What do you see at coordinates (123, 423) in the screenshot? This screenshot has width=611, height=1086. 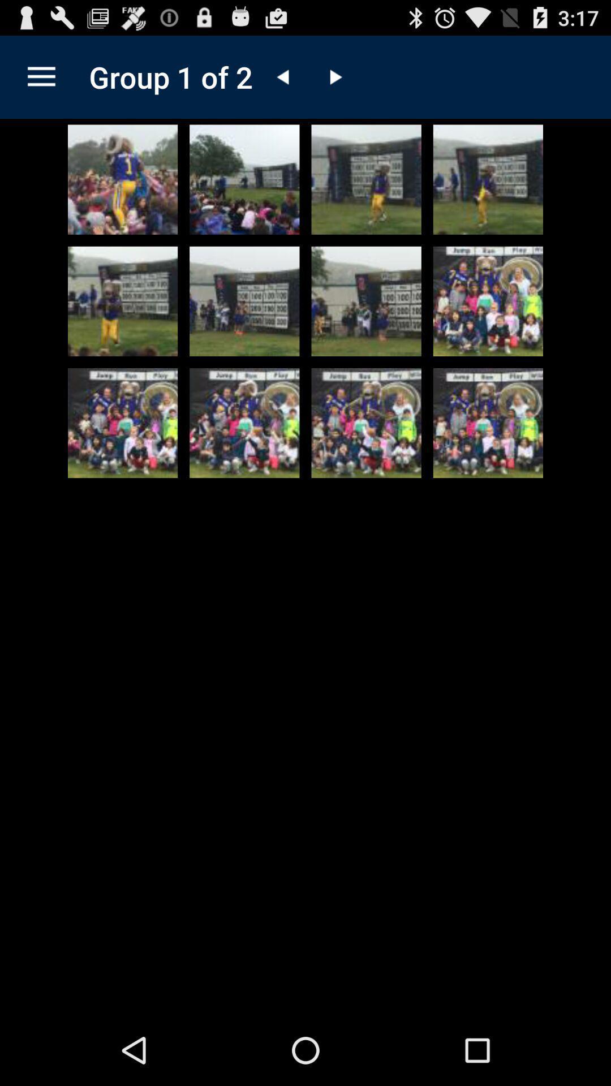 I see `picture option` at bounding box center [123, 423].